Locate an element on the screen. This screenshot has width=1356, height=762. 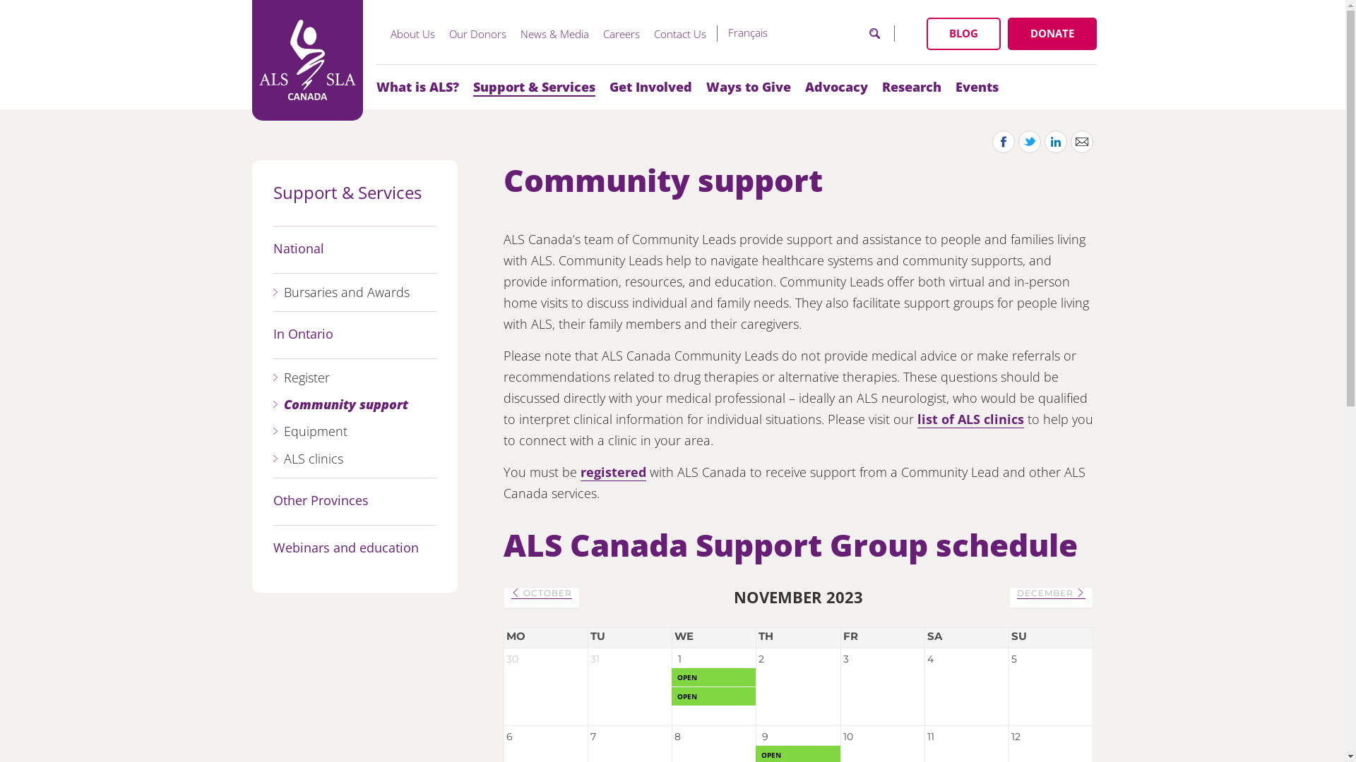
'DONATE' is located at coordinates (1051, 32).